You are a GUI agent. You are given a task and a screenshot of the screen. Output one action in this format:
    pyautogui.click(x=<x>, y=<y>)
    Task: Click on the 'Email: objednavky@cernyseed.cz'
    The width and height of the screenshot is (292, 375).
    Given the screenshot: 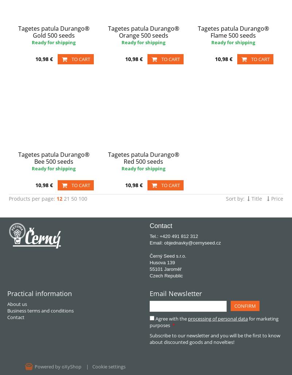 What is the action you would take?
    pyautogui.click(x=185, y=243)
    